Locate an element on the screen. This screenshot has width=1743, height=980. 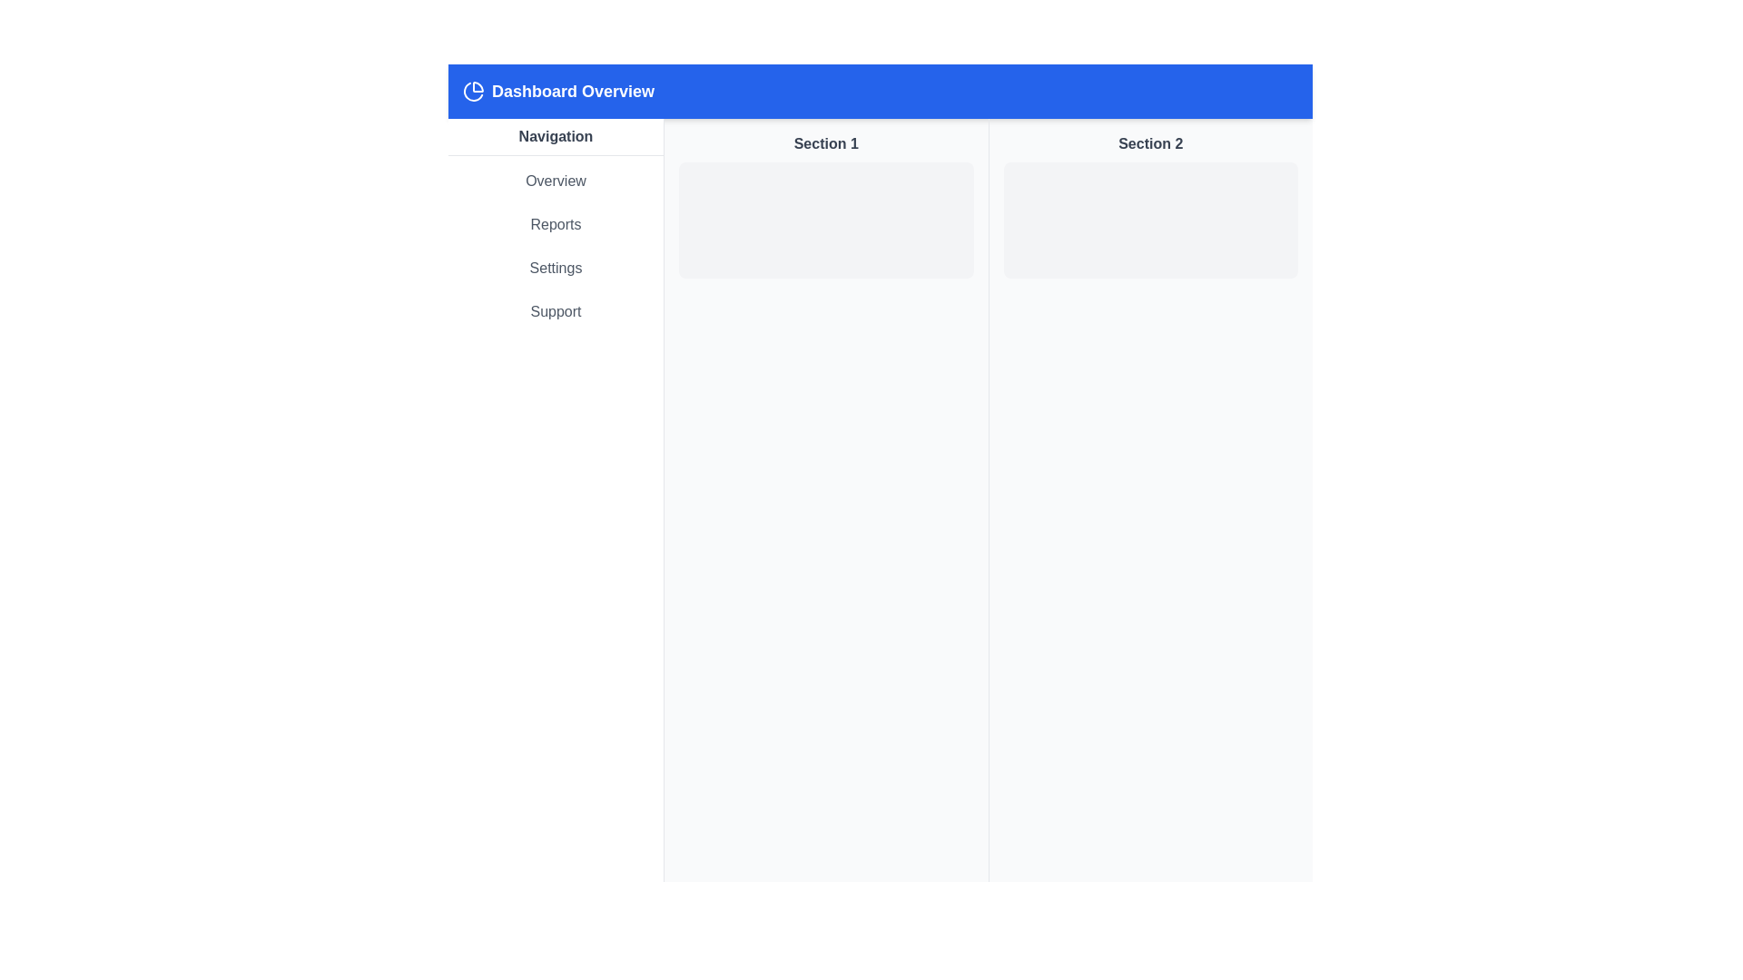
the pie chart icon located in the header bar, to the left of the 'Dashboard Overview' text is located at coordinates (474, 91).